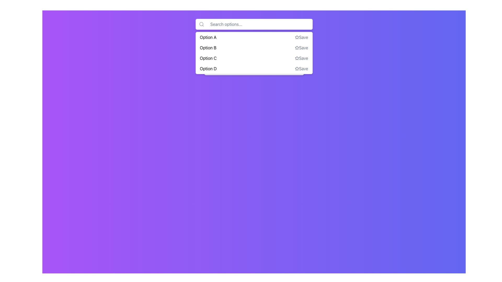  I want to click on the star icon located to the left of the 'Save' text within the fourth list item labeled 'Option D', so click(297, 68).